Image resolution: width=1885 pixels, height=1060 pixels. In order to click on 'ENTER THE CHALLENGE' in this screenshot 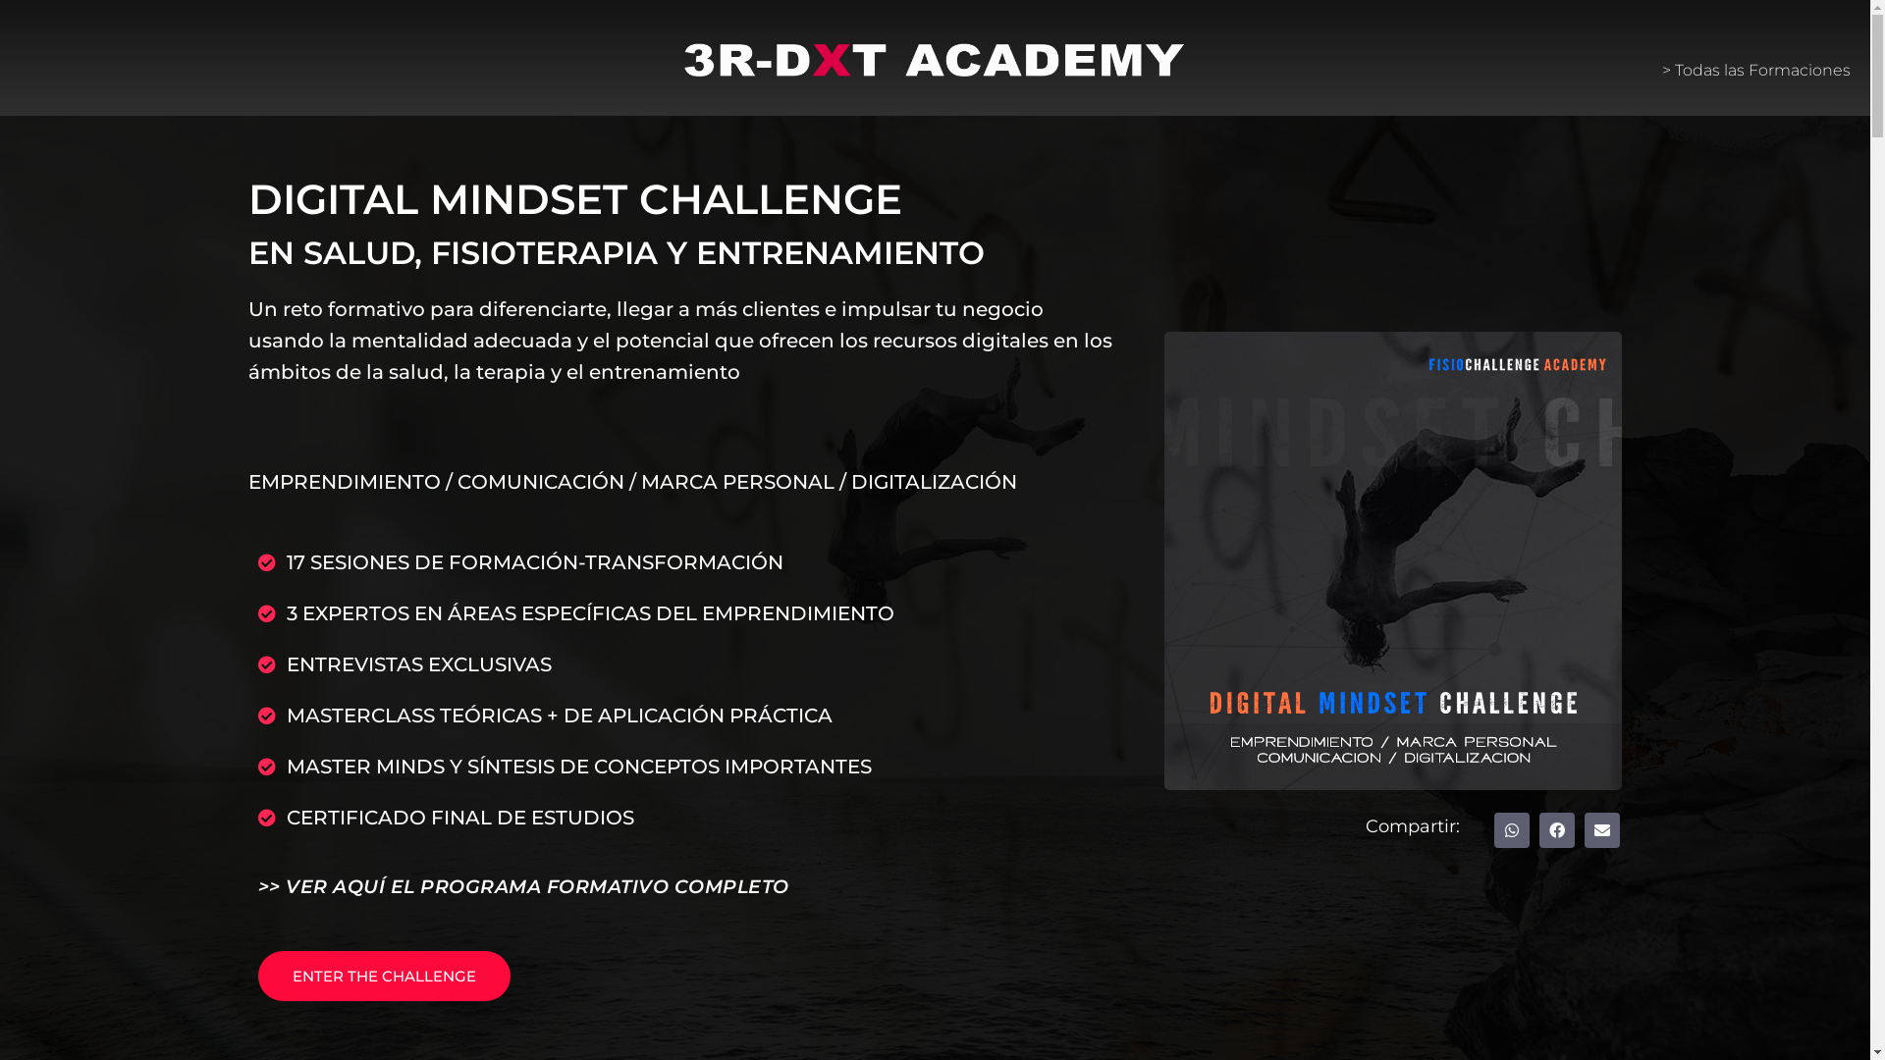, I will do `click(383, 976)`.